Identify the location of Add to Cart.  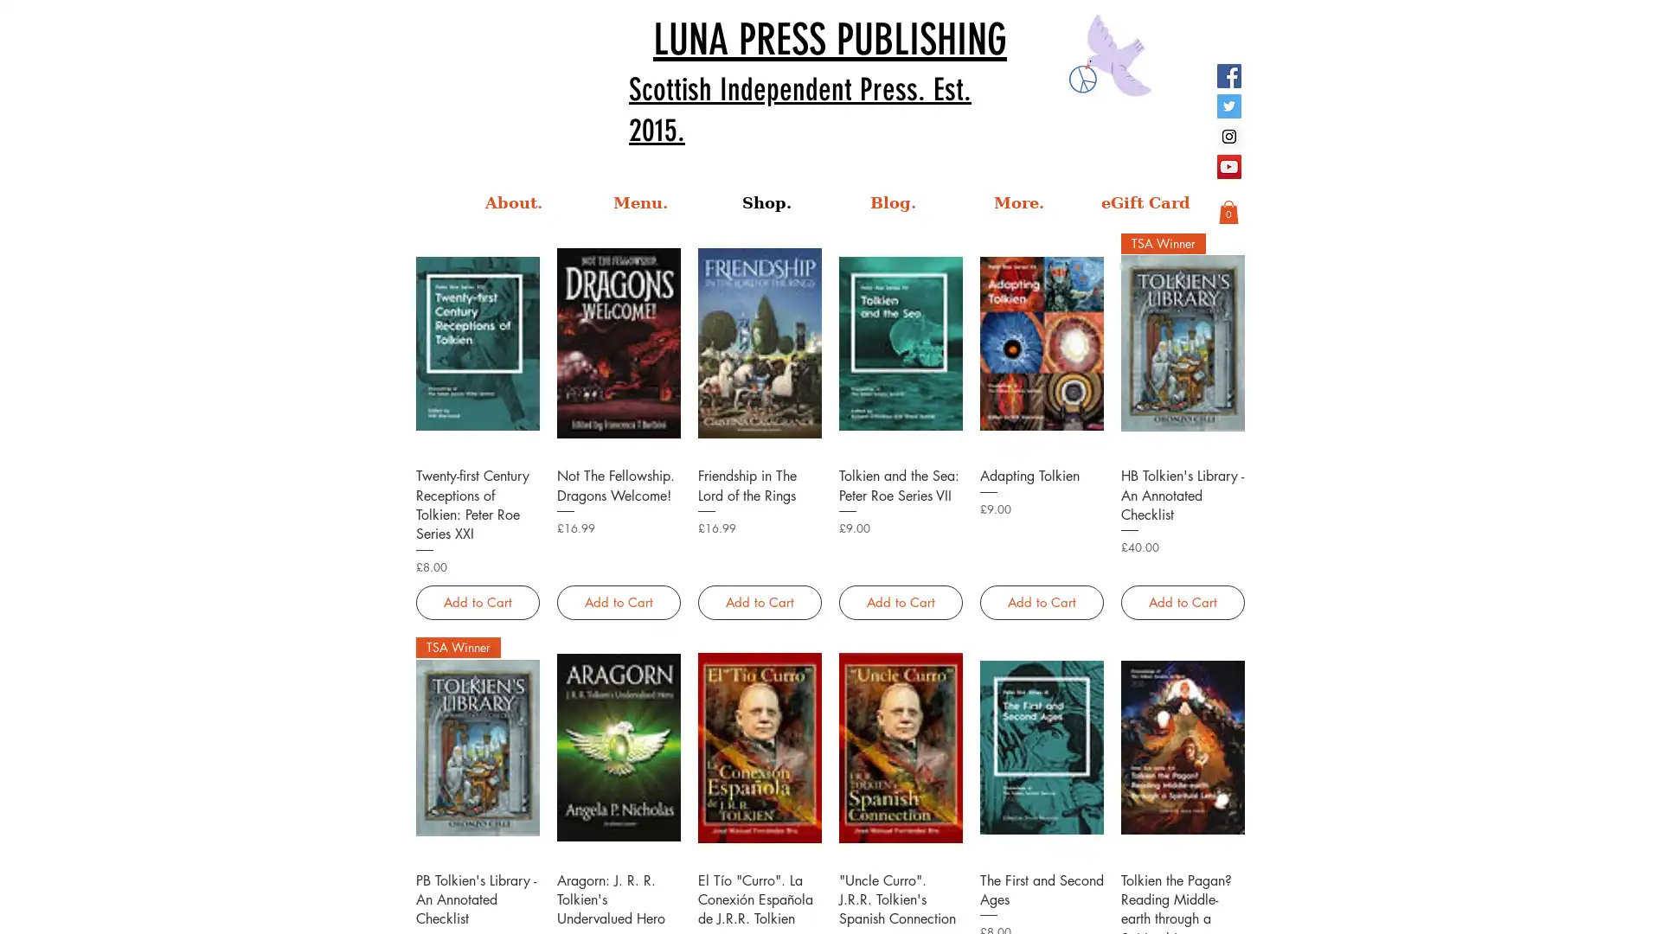
(478, 601).